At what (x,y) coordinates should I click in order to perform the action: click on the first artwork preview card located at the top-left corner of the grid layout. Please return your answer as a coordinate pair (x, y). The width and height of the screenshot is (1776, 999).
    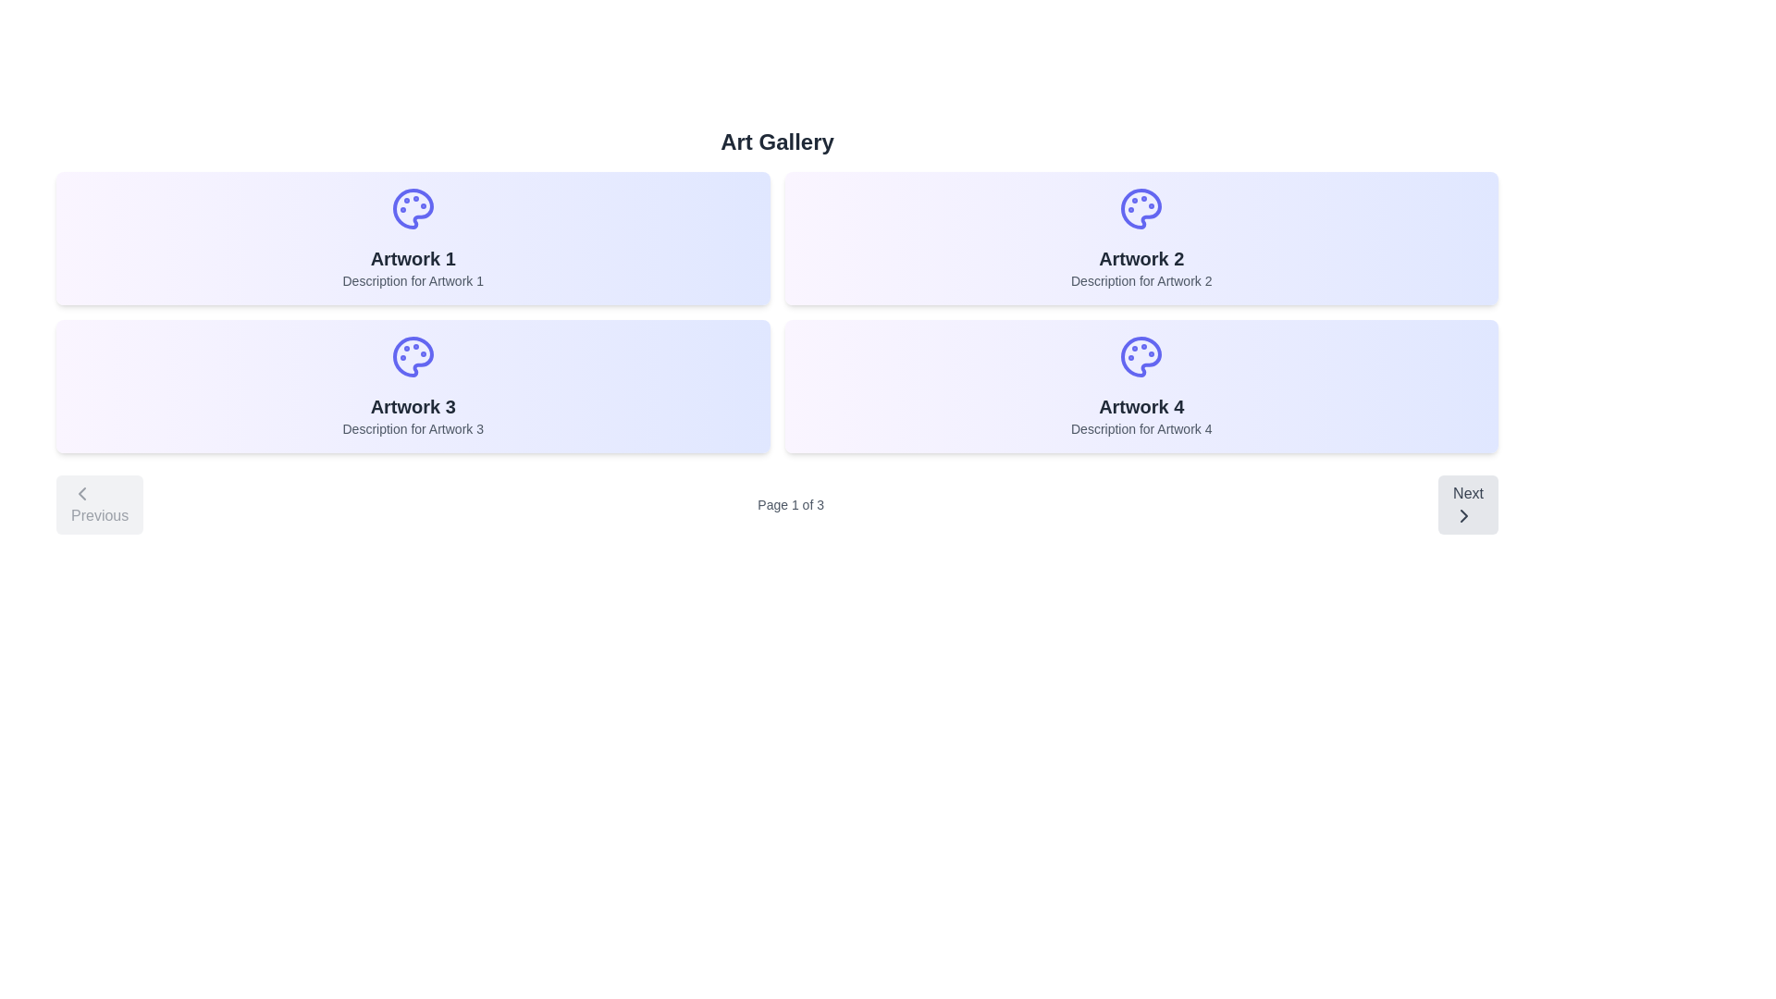
    Looking at the image, I should click on (412, 238).